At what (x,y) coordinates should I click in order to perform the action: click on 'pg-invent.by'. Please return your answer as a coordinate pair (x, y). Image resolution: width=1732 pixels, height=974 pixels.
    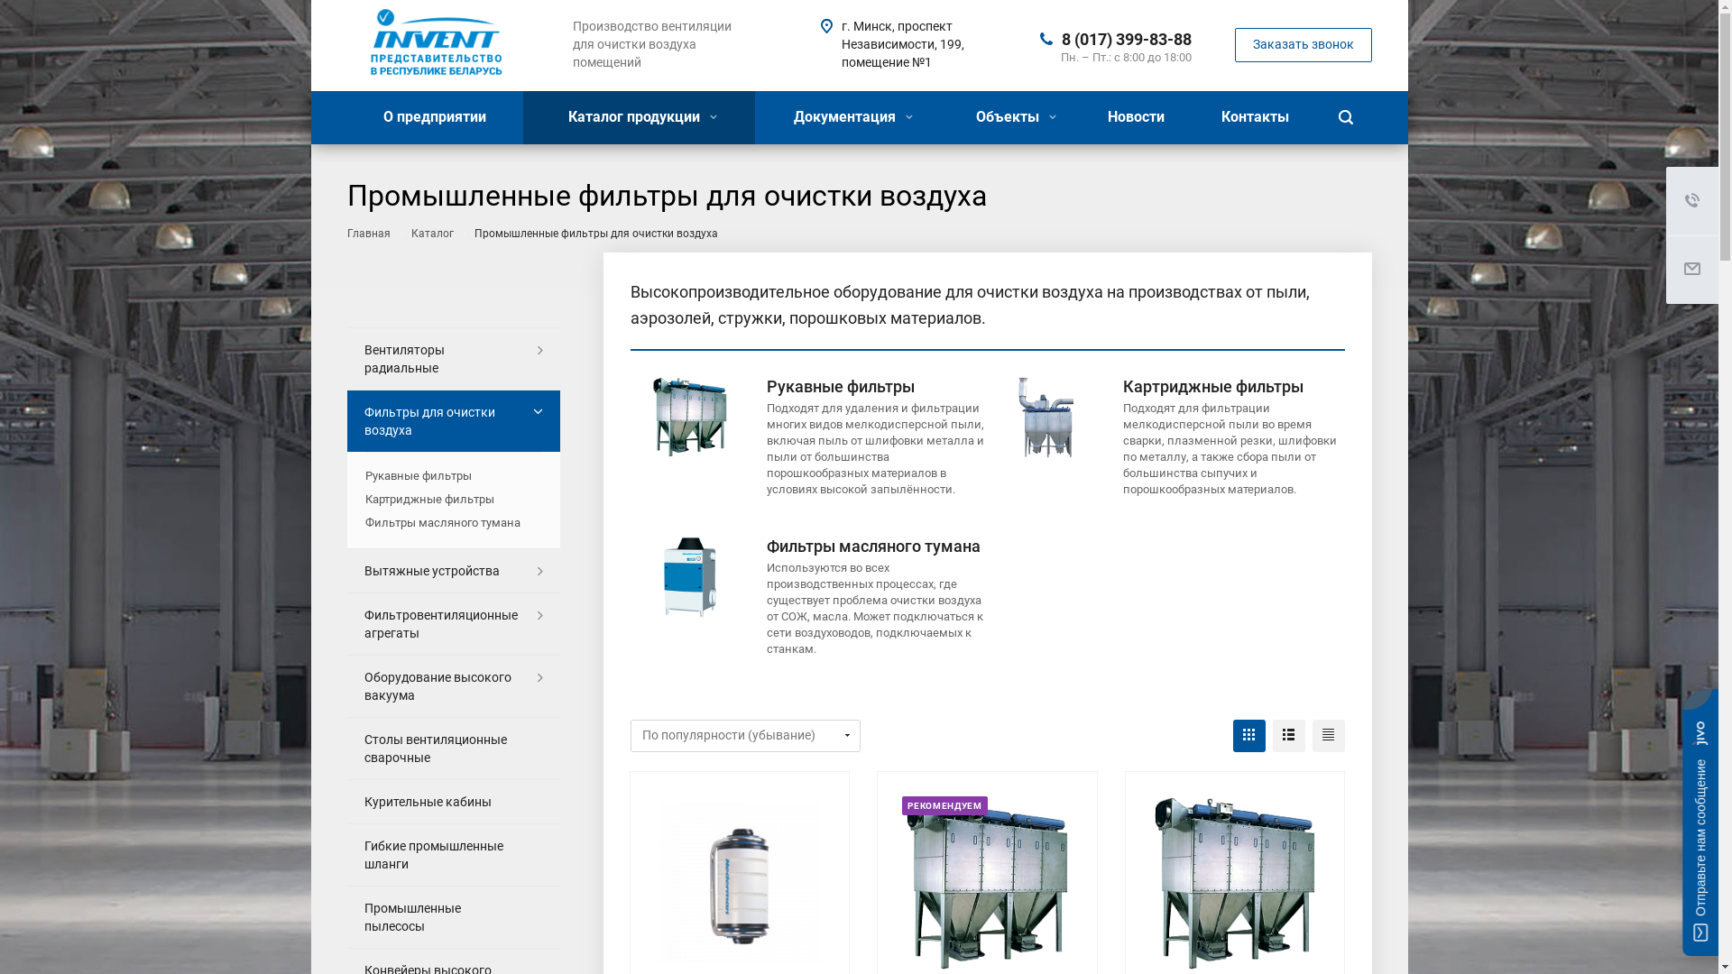
    Looking at the image, I should click on (346, 44).